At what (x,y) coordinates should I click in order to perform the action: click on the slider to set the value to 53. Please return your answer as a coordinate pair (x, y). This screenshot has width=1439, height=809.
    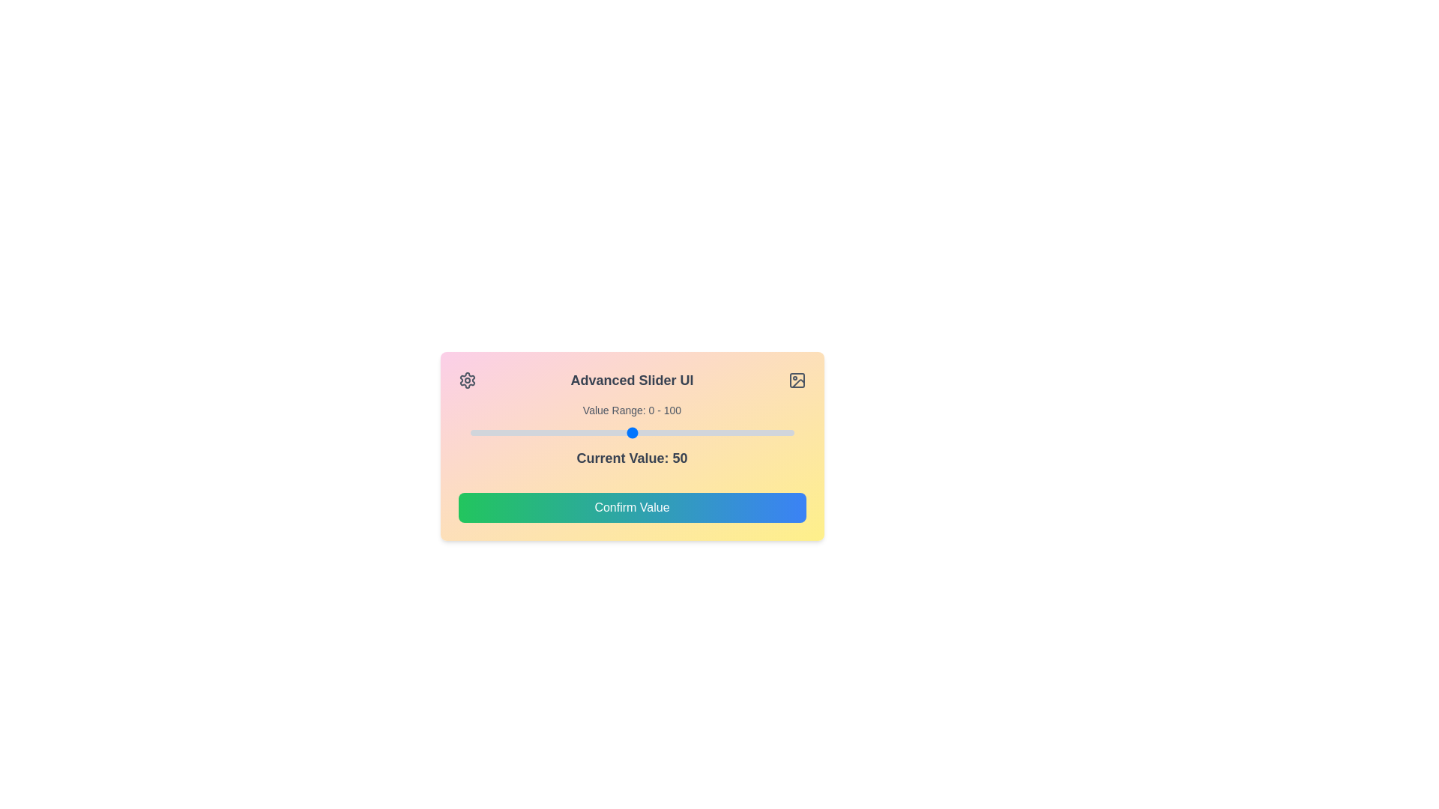
    Looking at the image, I should click on (642, 433).